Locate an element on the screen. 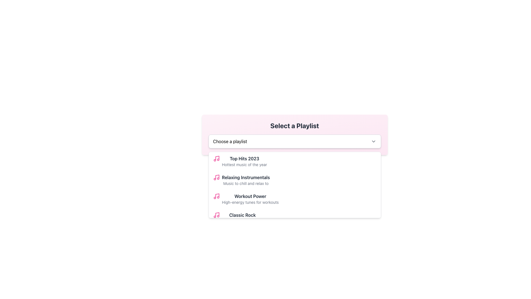 The width and height of the screenshot is (531, 299). static text label that displays 'High-energy tunes for workouts', which is located below the 'Workout Power' dropdown menu is located at coordinates (250, 202).